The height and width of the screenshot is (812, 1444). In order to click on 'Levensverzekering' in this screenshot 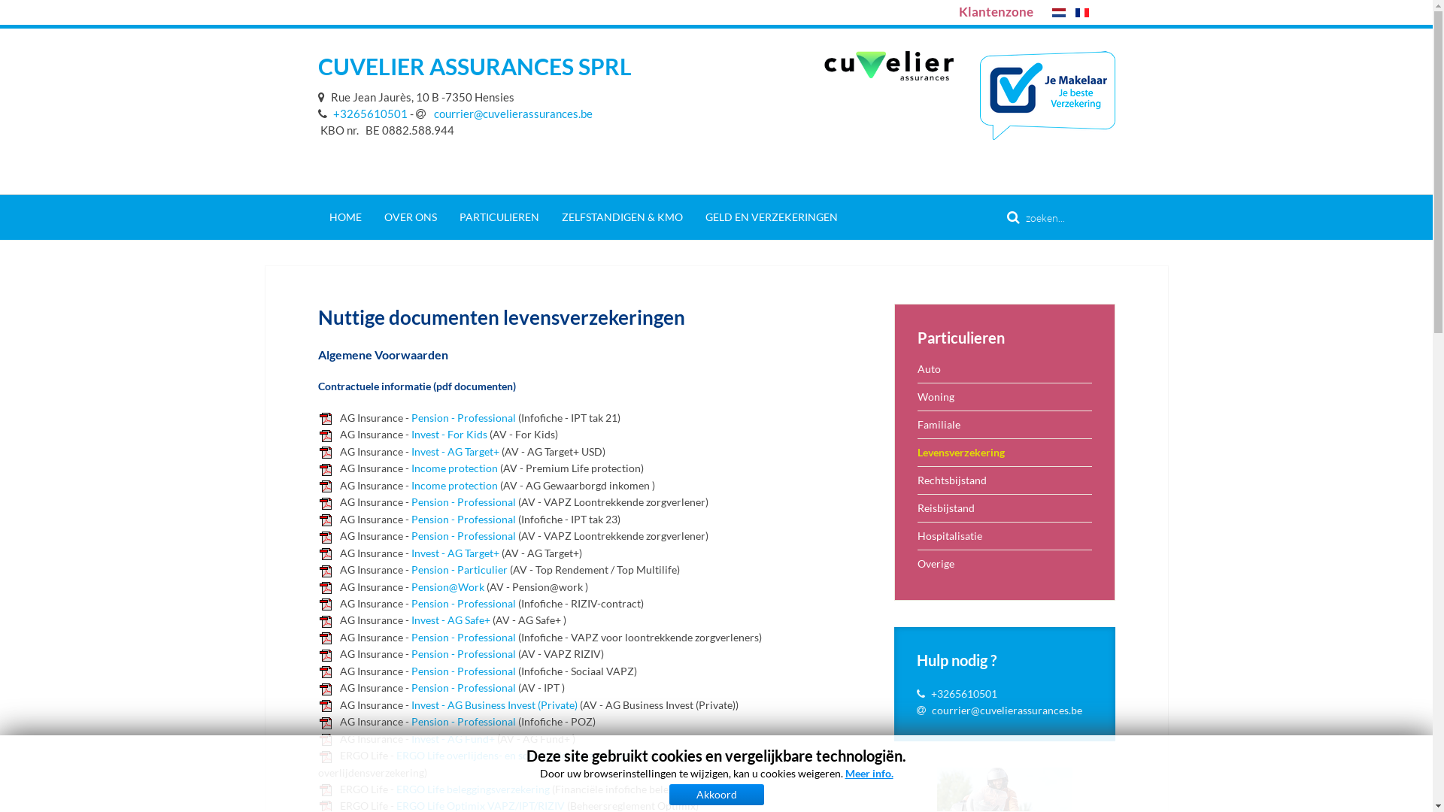, I will do `click(1004, 451)`.